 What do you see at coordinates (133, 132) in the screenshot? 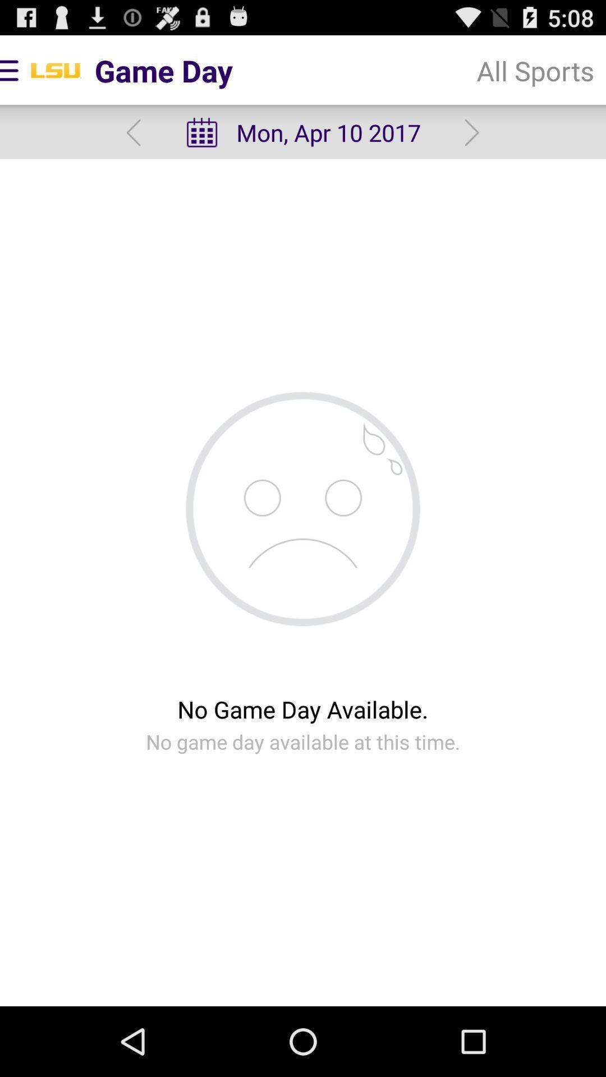
I see `the app to the left of the mon apr 10 item` at bounding box center [133, 132].